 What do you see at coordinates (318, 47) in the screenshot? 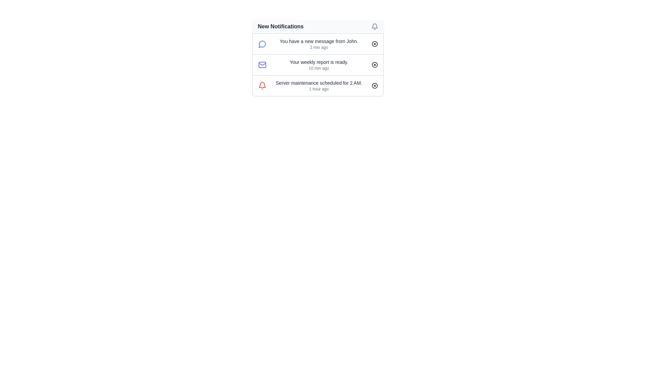
I see `the time elapsed Text label that indicates the time since the notification was received, located below the message from John in the notification list` at bounding box center [318, 47].